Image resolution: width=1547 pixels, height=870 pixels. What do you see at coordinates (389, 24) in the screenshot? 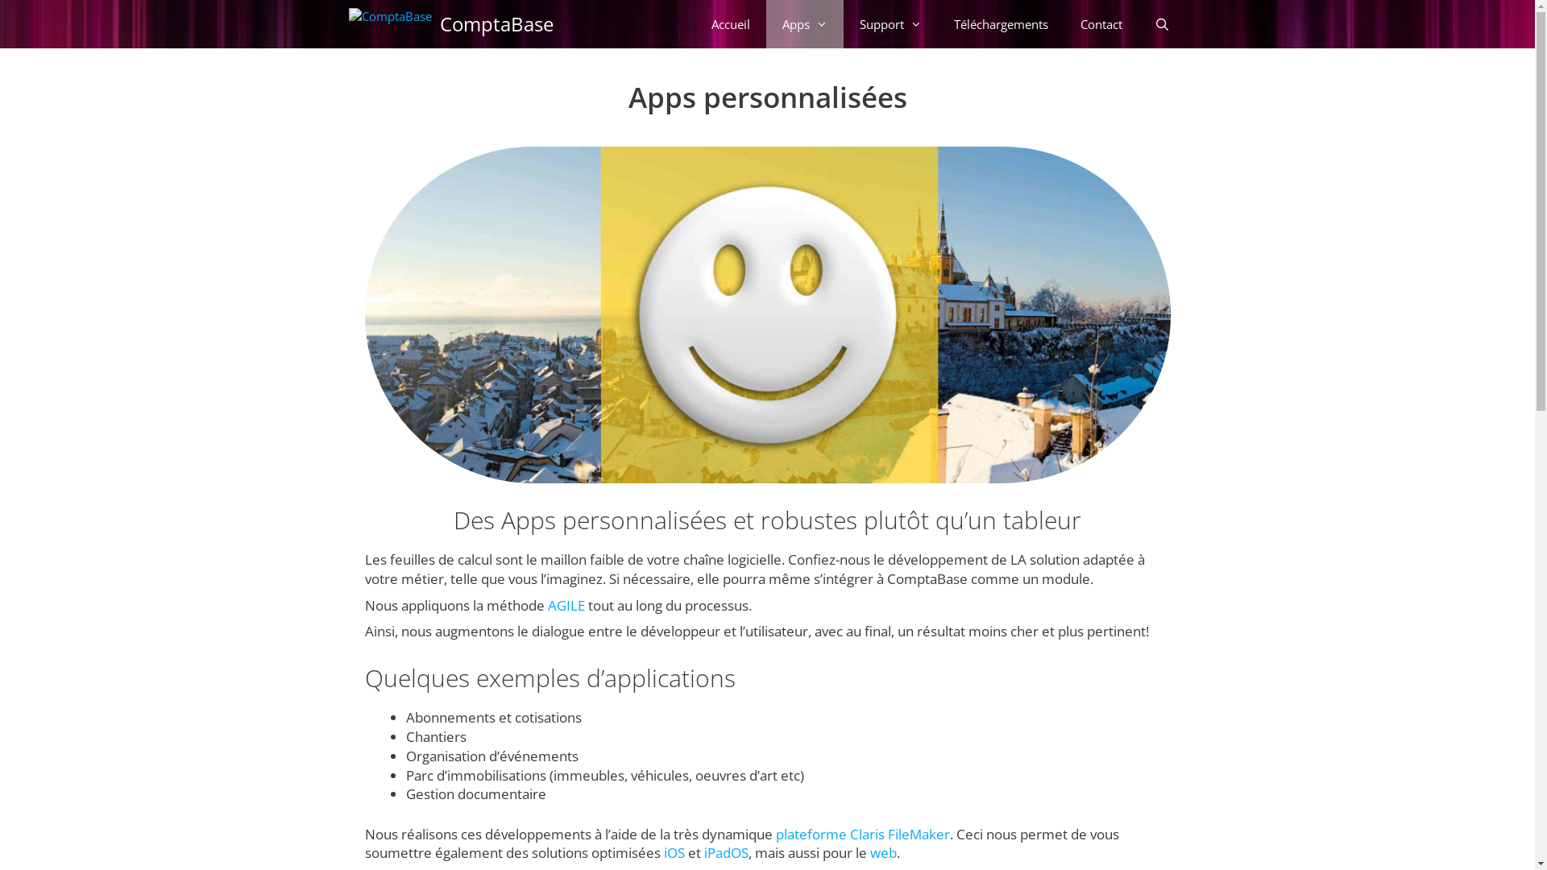
I see `'ComptaBase'` at bounding box center [389, 24].